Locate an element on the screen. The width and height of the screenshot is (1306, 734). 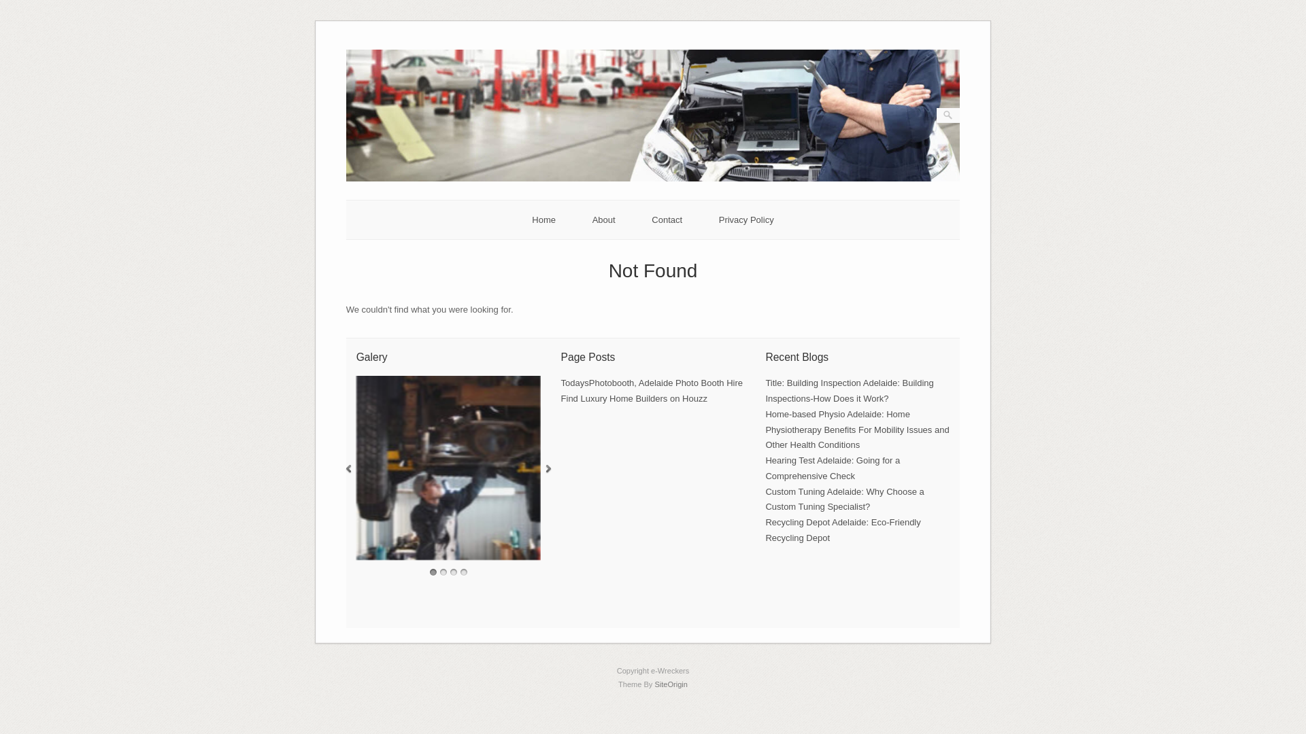
'2' is located at coordinates (443, 572).